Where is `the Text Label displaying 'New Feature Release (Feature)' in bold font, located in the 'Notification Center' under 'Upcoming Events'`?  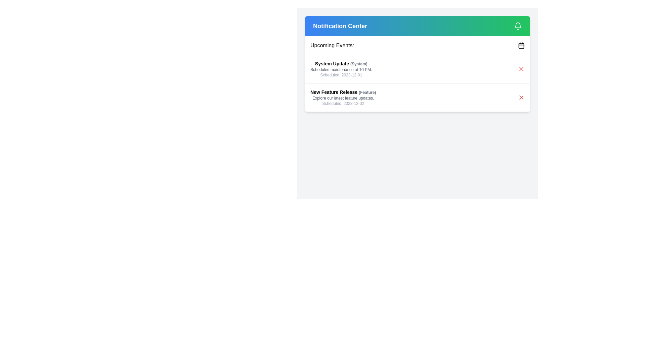 the Text Label displaying 'New Feature Release (Feature)' in bold font, located in the 'Notification Center' under 'Upcoming Events' is located at coordinates (343, 92).